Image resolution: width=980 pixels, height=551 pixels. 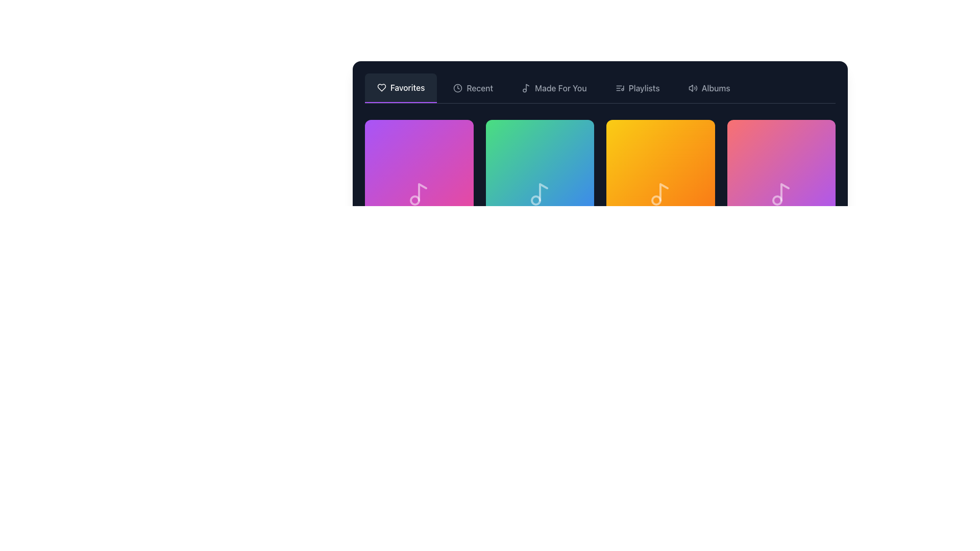 What do you see at coordinates (656, 201) in the screenshot?
I see `the Graphical Element - Circle located in the bottom-left corner of the yellow-orange card, which is the third card from the left in the row of colorful cards, indicating a musical context` at bounding box center [656, 201].